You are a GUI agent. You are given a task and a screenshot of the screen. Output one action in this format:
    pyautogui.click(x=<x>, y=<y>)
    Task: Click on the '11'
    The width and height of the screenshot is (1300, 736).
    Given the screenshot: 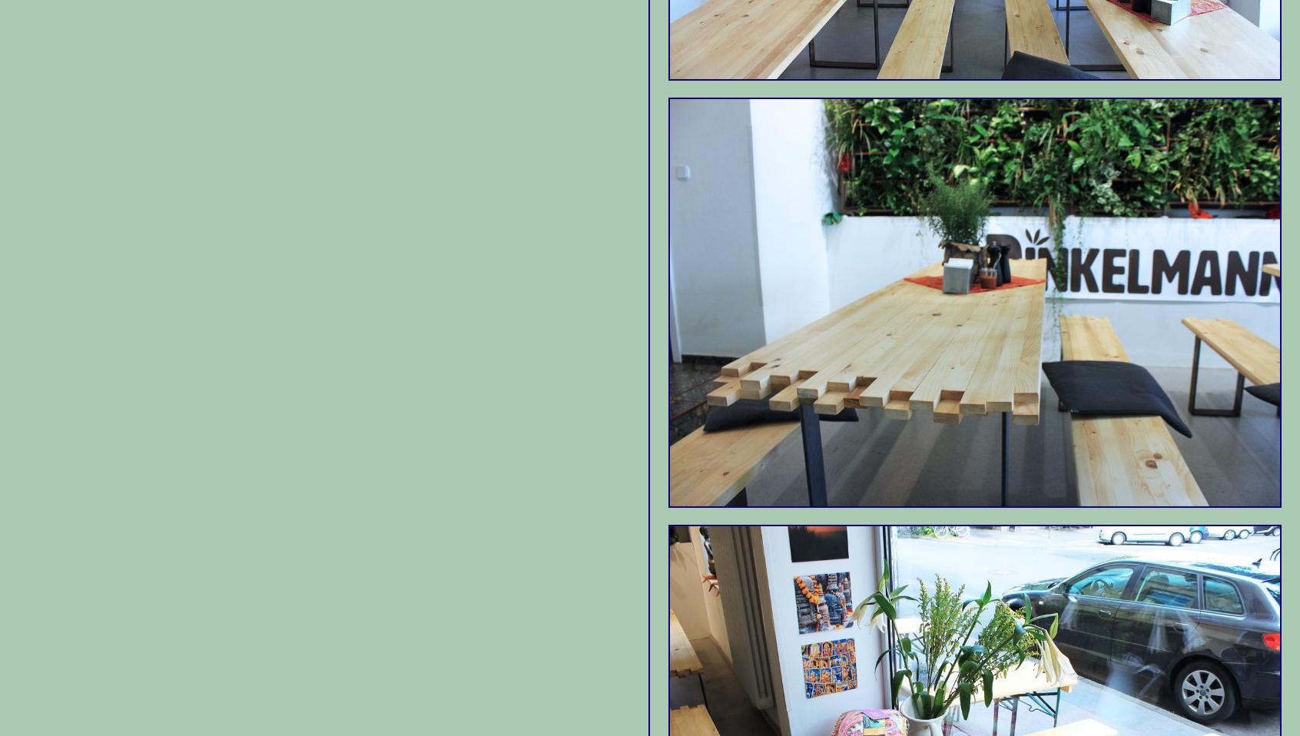 What is the action you would take?
    pyautogui.click(x=890, y=416)
    